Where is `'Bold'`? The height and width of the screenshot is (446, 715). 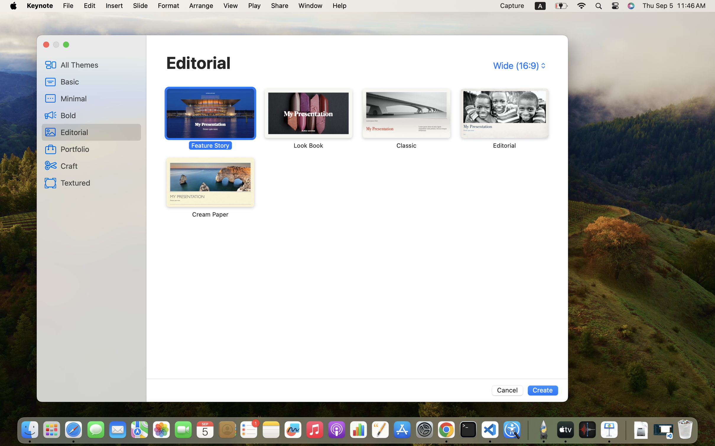
'Bold' is located at coordinates (99, 115).